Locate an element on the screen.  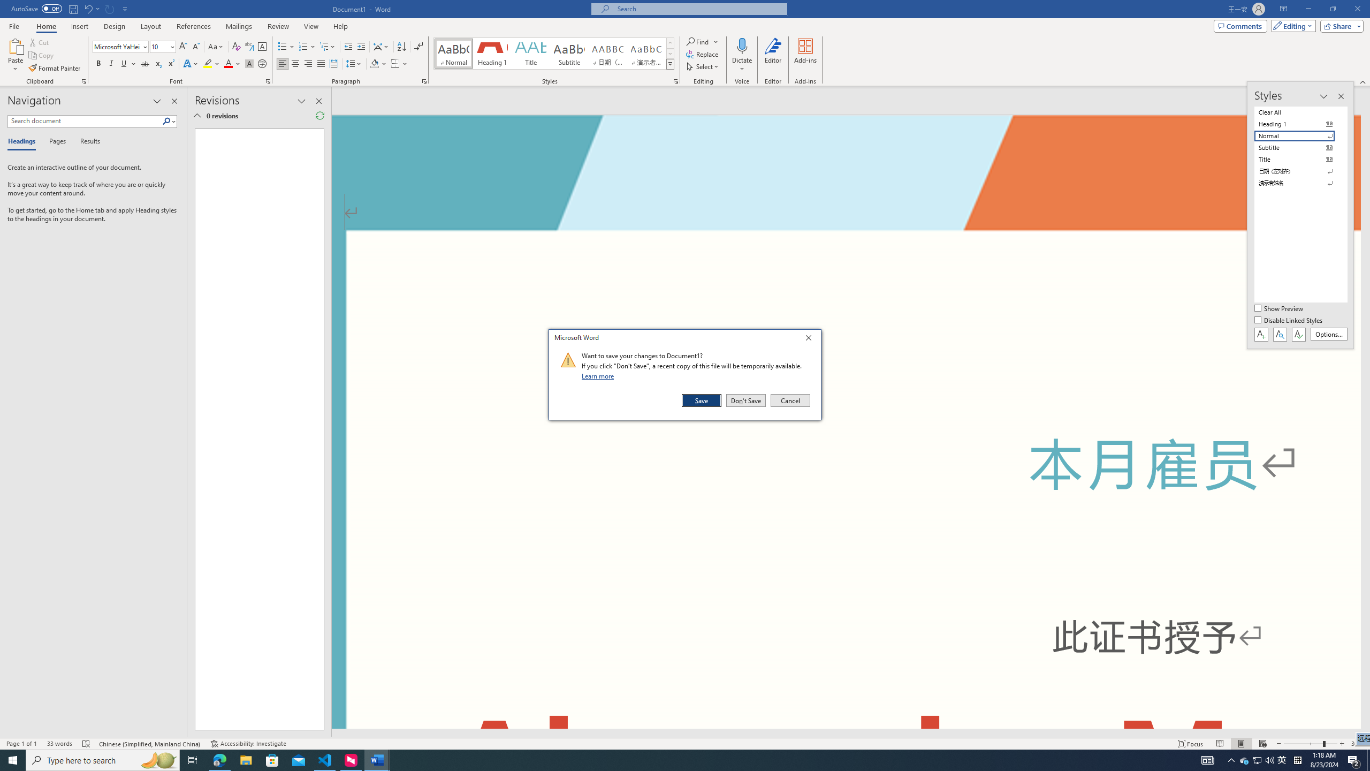
'Mode' is located at coordinates (1291, 25).